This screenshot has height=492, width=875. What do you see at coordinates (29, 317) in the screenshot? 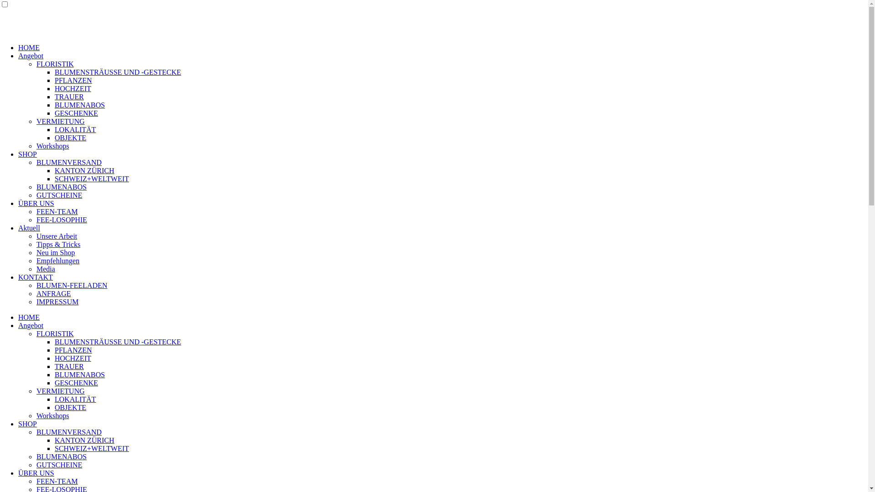
I see `'HOME'` at bounding box center [29, 317].